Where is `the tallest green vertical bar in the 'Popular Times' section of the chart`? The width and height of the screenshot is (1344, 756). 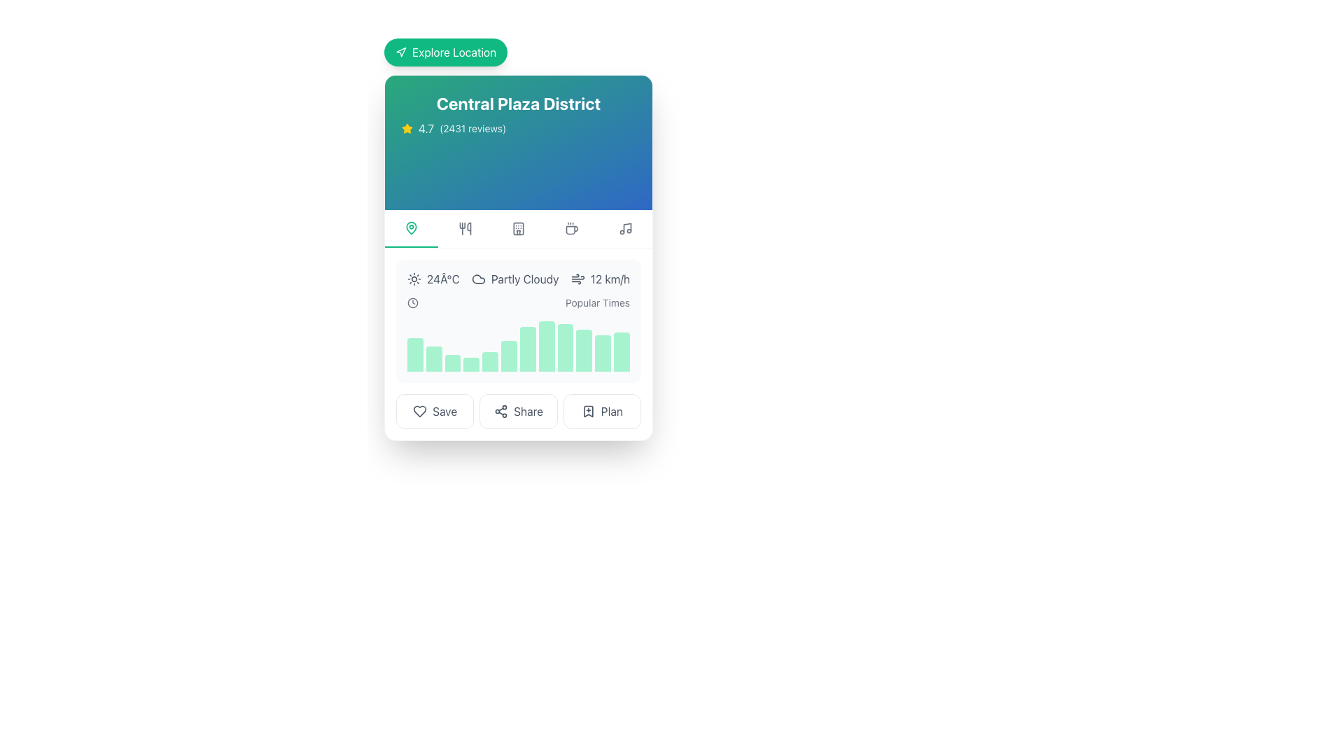
the tallest green vertical bar in the 'Popular Times' section of the chart is located at coordinates (546, 346).